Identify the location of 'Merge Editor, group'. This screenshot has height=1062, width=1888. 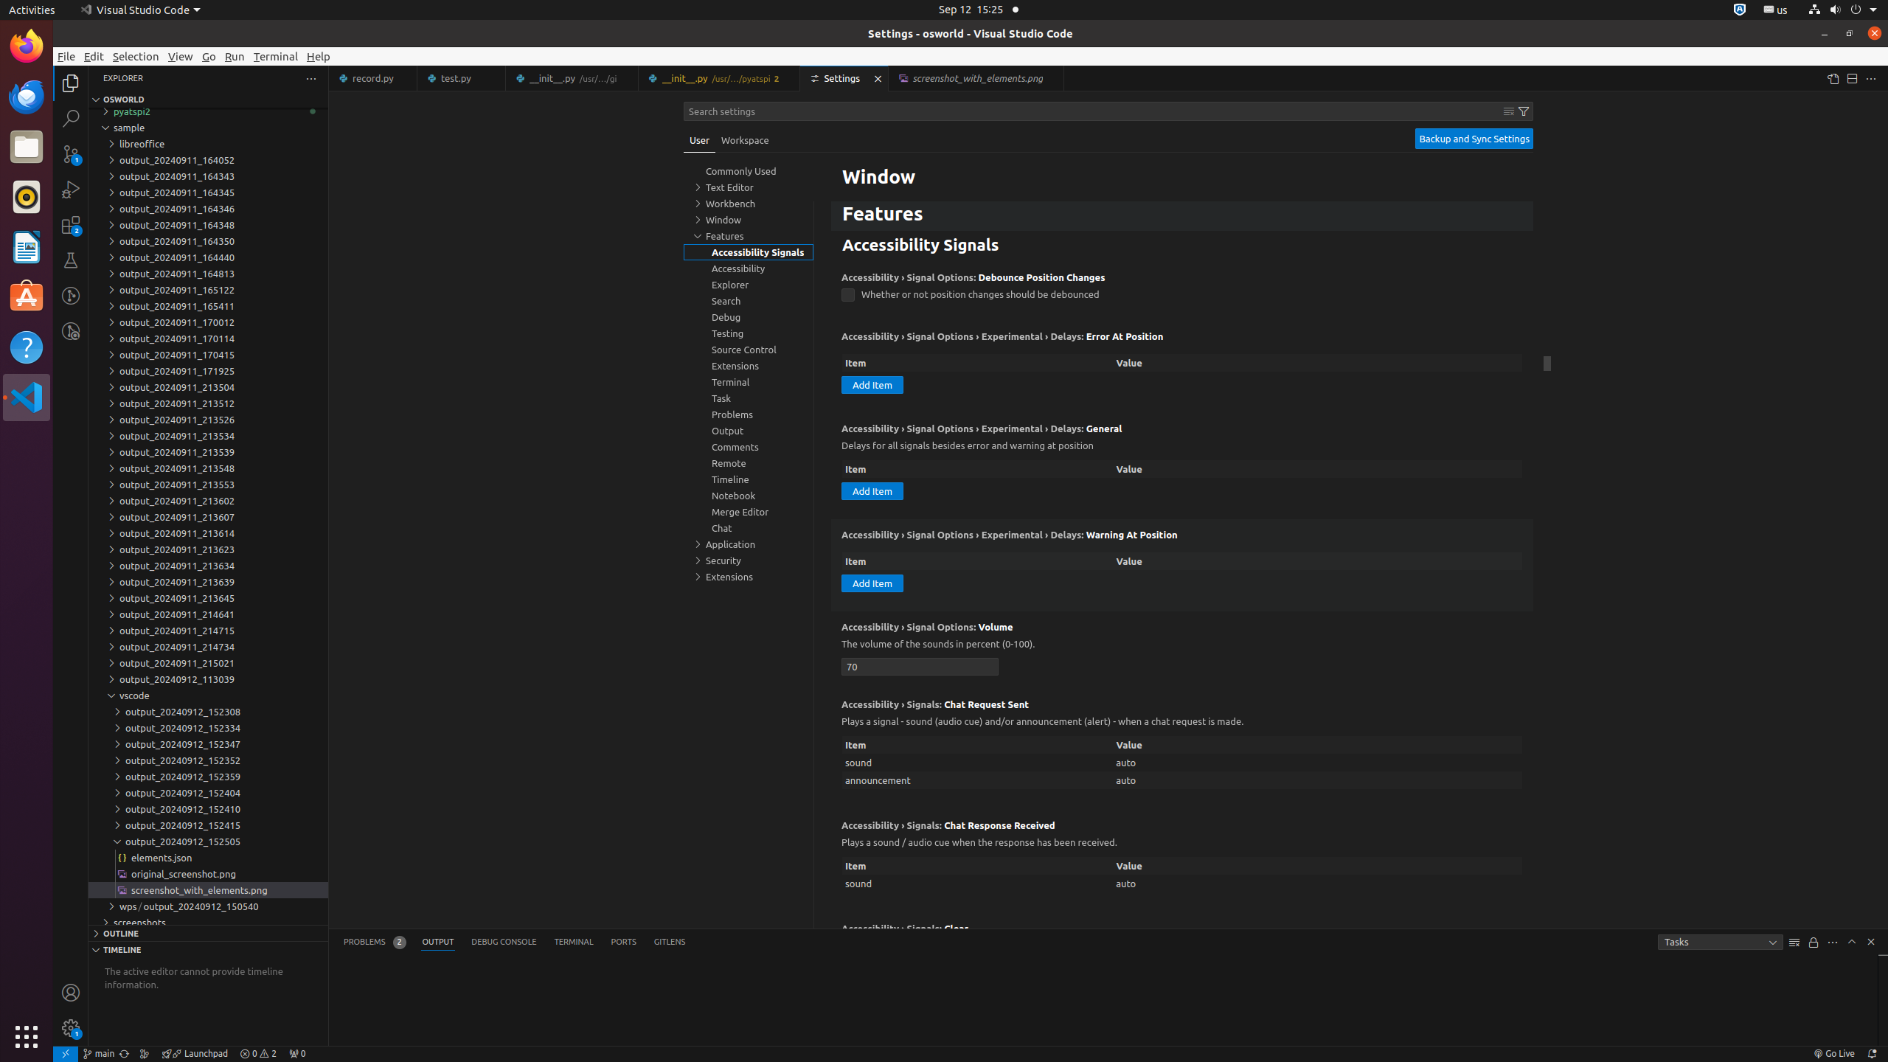
(749, 511).